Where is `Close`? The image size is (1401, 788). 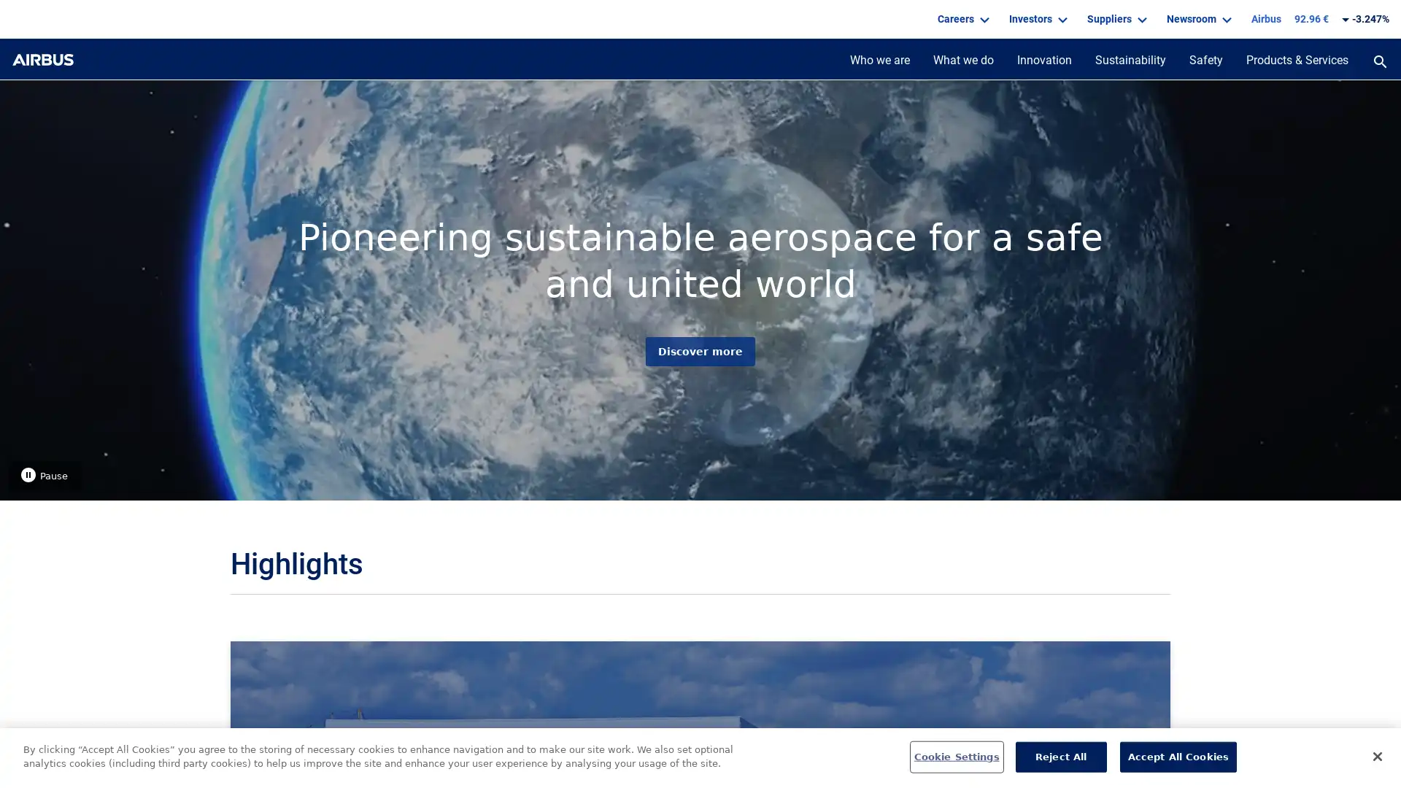
Close is located at coordinates (1376, 755).